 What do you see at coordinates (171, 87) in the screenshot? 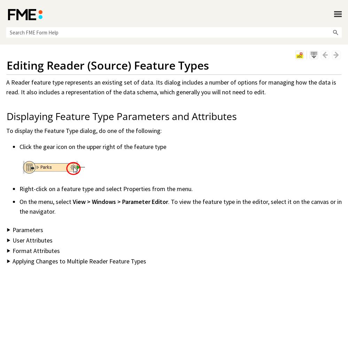
I see `'A Reader feature type represents an existing set of data. Its dialog includes a
number of options for managing how the data is read. It also includes a
representation of the data schema, which generally you will not need to edit.'` at bounding box center [171, 87].